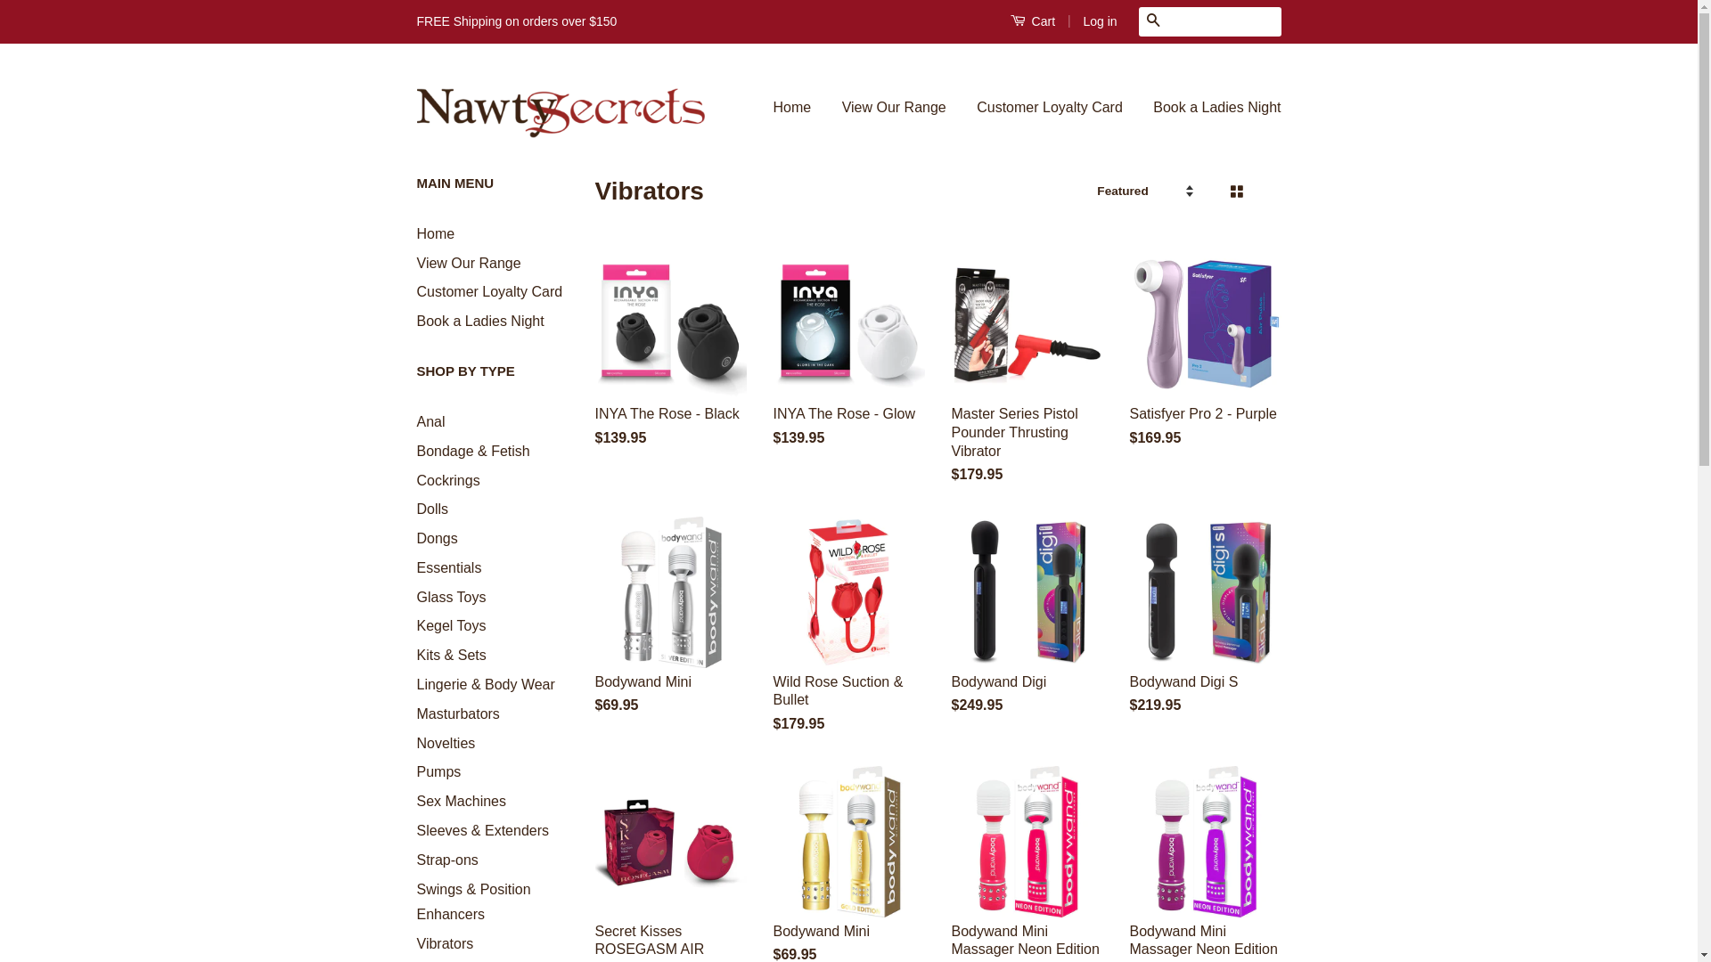  Describe the element at coordinates (1206, 631) in the screenshot. I see `'Bodywand Digi S` at that location.